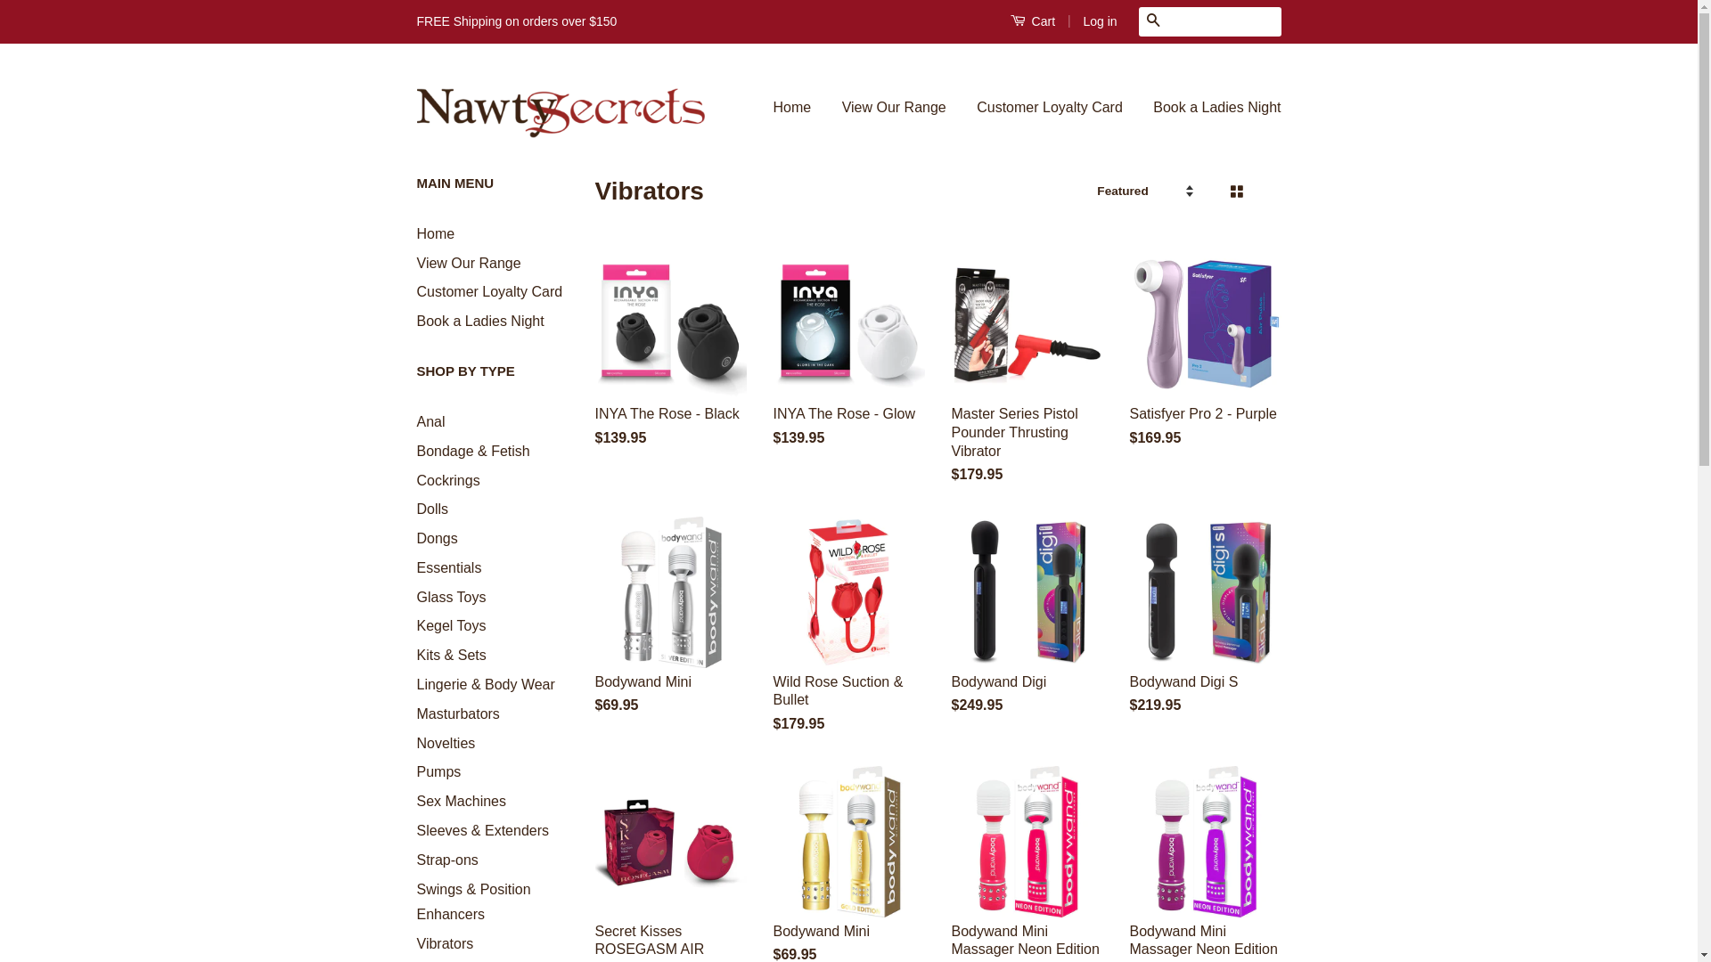  Describe the element at coordinates (1206, 631) in the screenshot. I see `'Bodywand Digi S` at that location.